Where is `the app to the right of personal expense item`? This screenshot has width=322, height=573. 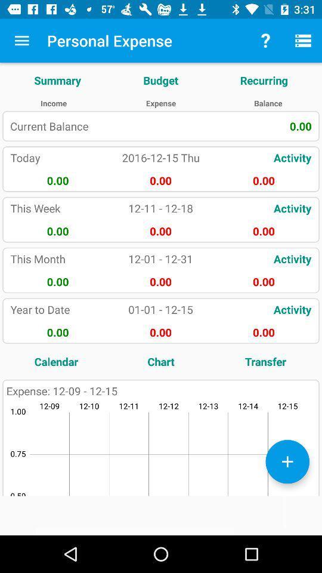 the app to the right of personal expense item is located at coordinates (265, 41).